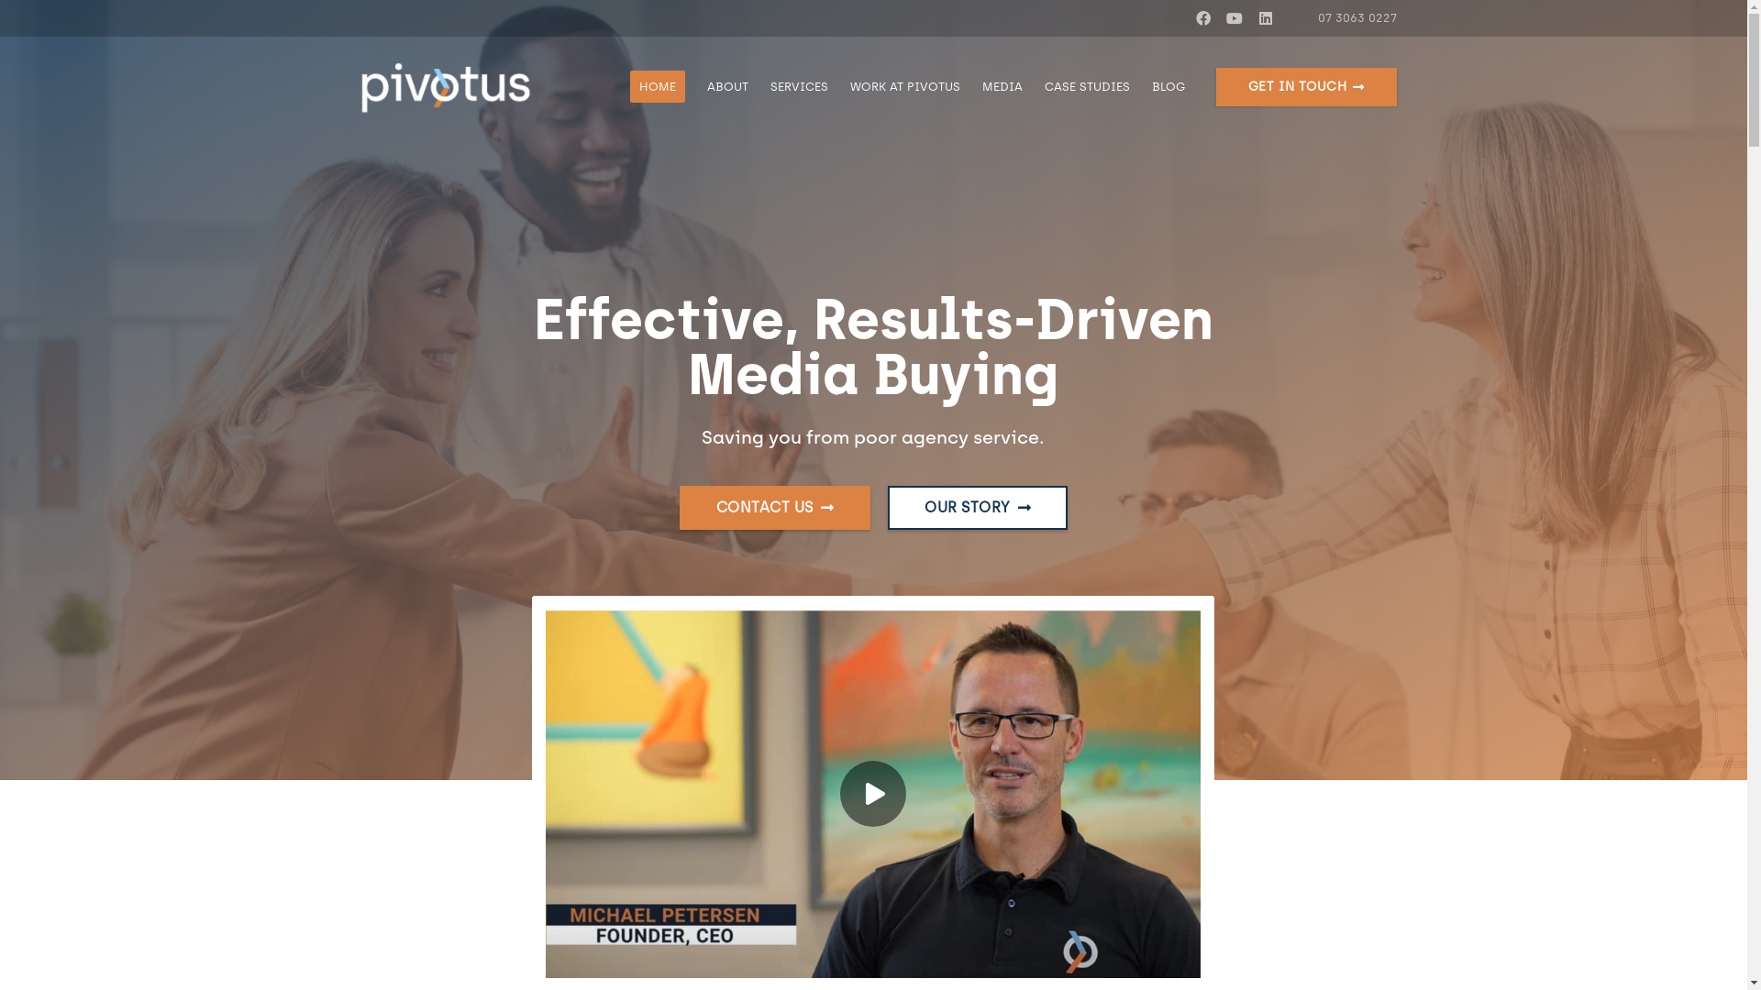 The width and height of the screenshot is (1761, 990). Describe the element at coordinates (1139, 87) in the screenshot. I see `'BLOG'` at that location.